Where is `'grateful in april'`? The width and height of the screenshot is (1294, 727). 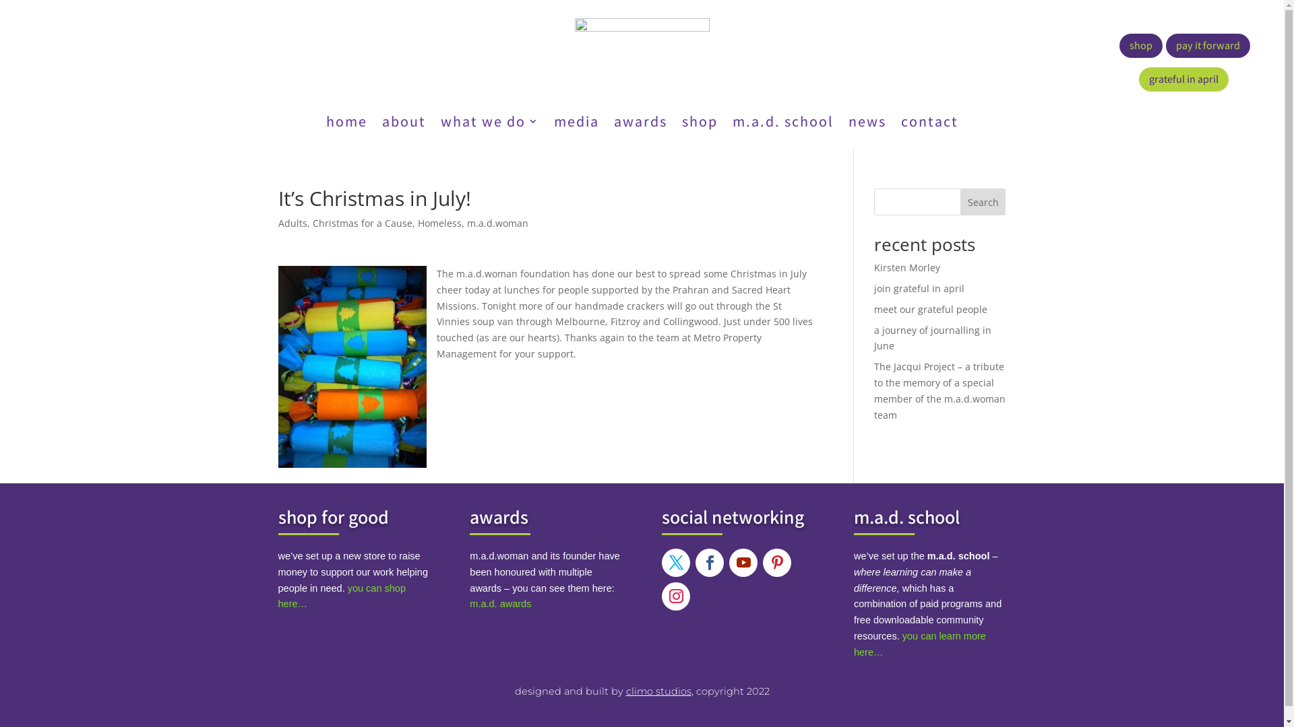
'grateful in april' is located at coordinates (1183, 79).